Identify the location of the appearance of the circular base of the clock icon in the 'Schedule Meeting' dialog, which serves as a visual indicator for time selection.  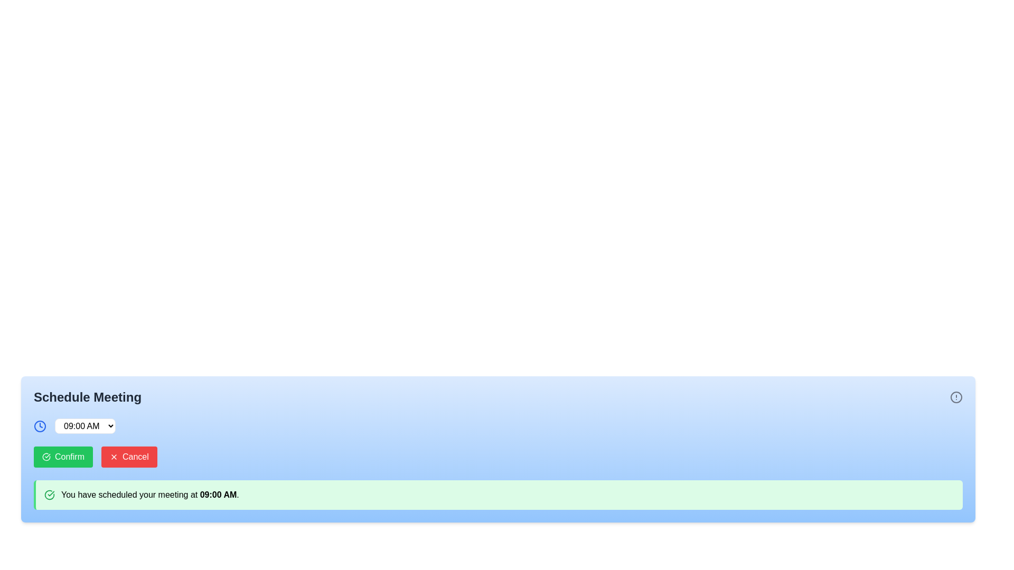
(40, 425).